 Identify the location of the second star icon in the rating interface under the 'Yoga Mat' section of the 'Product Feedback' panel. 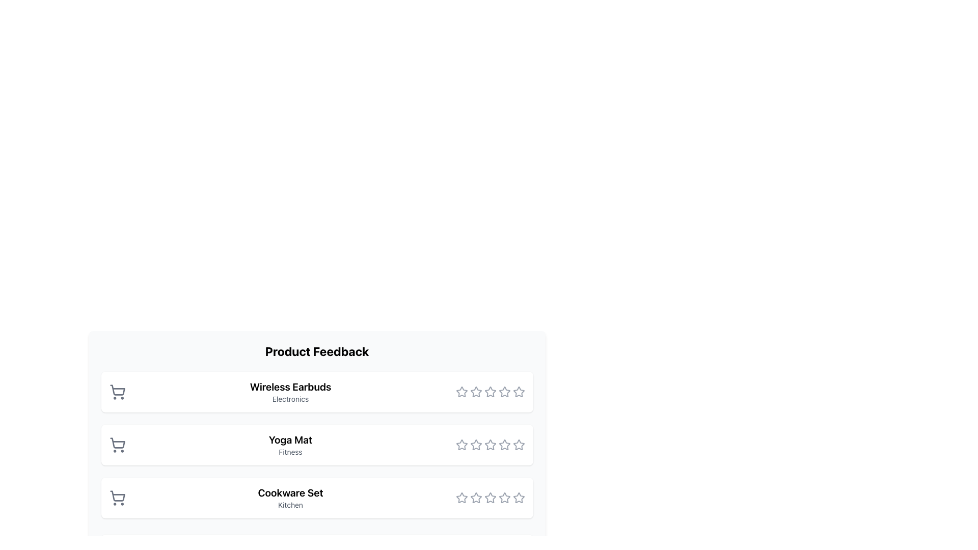
(475, 444).